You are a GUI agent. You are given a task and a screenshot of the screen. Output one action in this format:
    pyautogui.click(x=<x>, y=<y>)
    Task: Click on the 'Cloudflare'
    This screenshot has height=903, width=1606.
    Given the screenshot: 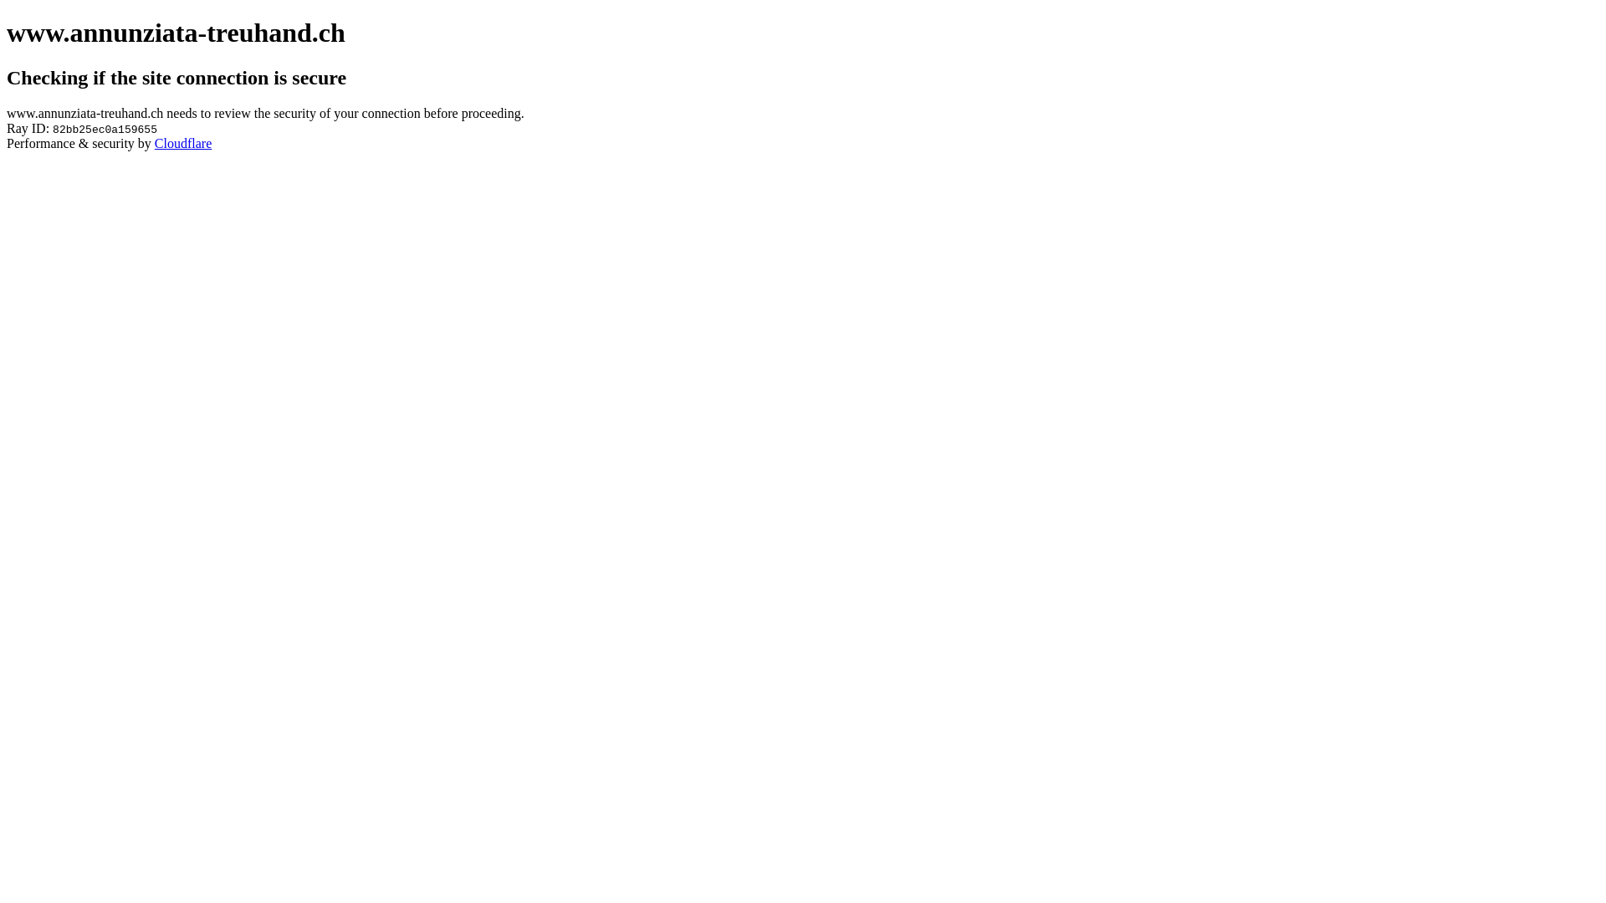 What is the action you would take?
    pyautogui.click(x=183, y=142)
    